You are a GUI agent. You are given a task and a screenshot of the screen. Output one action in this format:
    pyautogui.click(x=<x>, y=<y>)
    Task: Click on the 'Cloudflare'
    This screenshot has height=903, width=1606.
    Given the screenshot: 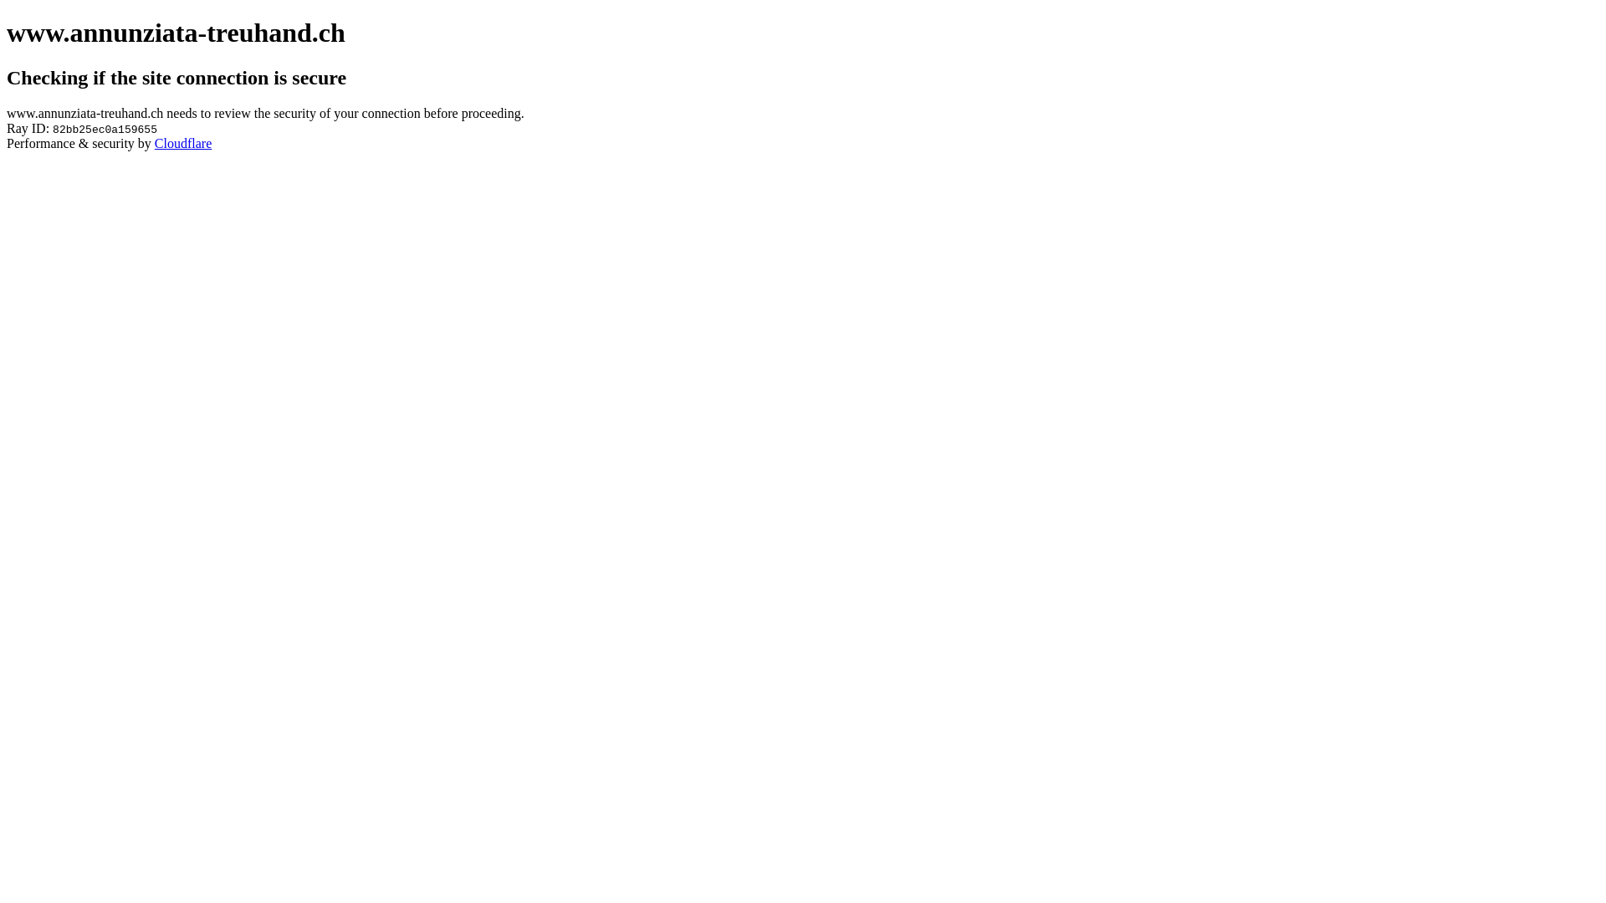 What is the action you would take?
    pyautogui.click(x=183, y=142)
    